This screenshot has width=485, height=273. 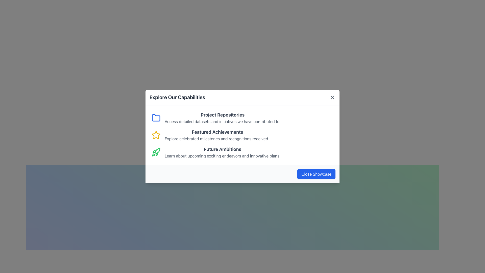 I want to click on the green rocket icon, which is the rightmost option in a list of three, positioned left of the 'Future Ambitions' heading, so click(x=156, y=152).